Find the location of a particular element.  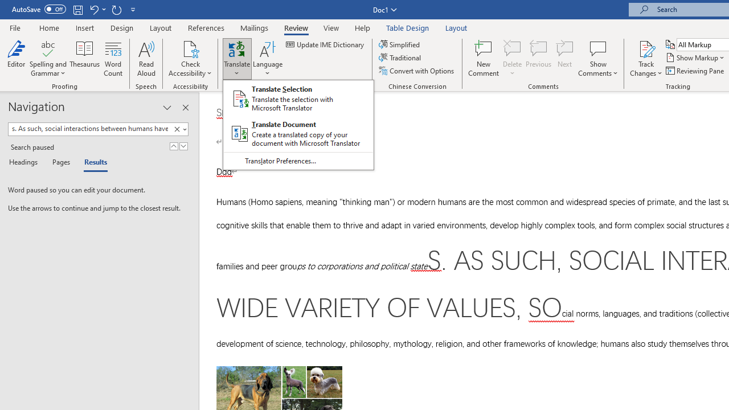

'Track Changes' is located at coordinates (646, 59).